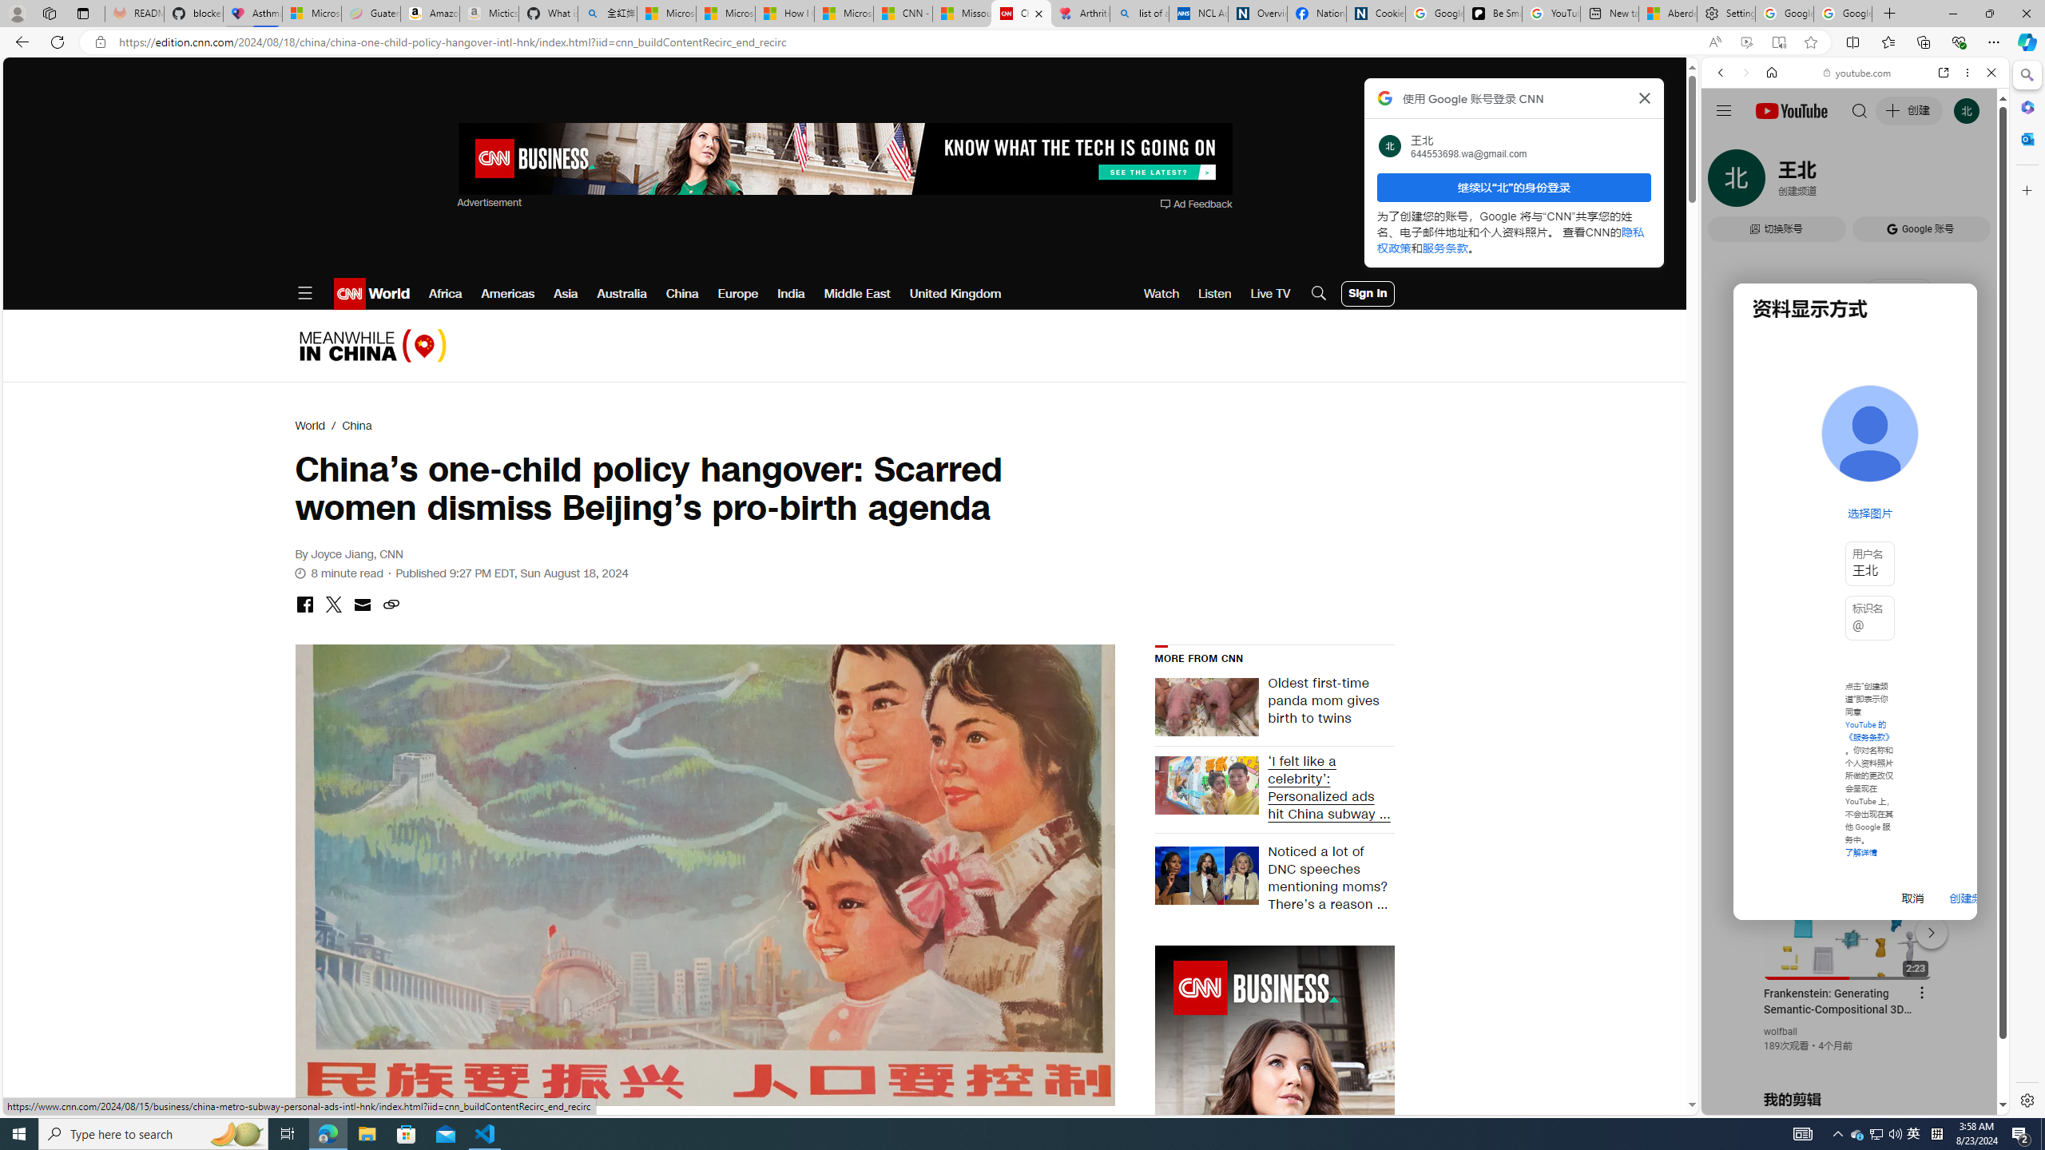 The image size is (2045, 1150). Describe the element at coordinates (738, 293) in the screenshot. I see `'Europe'` at that location.